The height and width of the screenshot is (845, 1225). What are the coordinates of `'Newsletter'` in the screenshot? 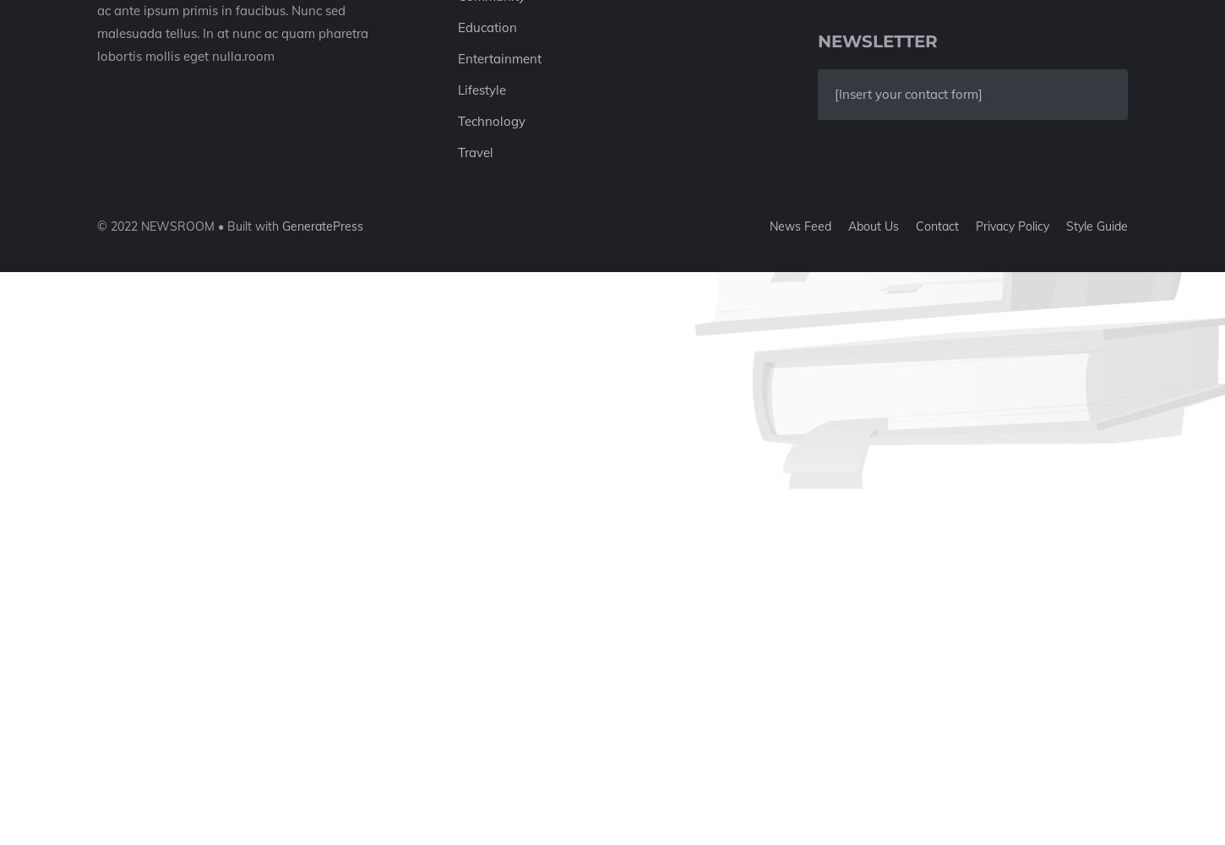 It's located at (878, 41).